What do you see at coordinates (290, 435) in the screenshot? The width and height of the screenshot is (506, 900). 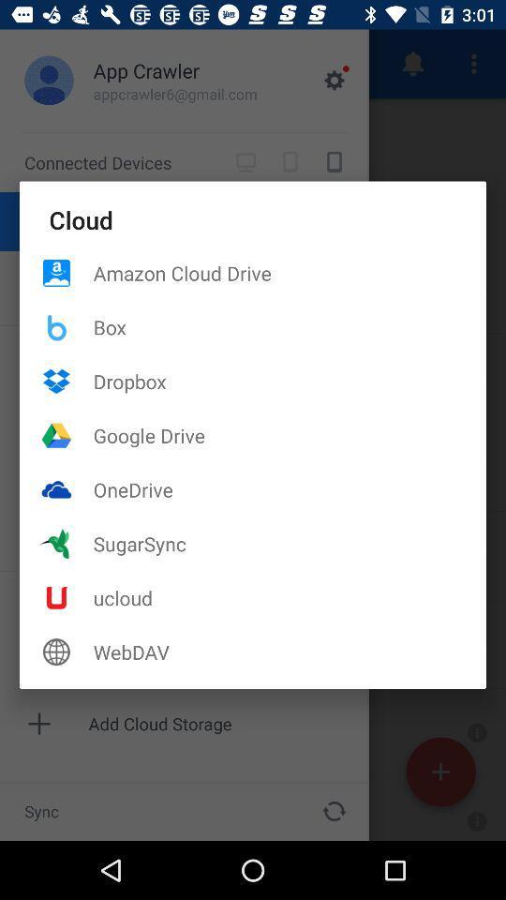 I see `item below dropbox item` at bounding box center [290, 435].